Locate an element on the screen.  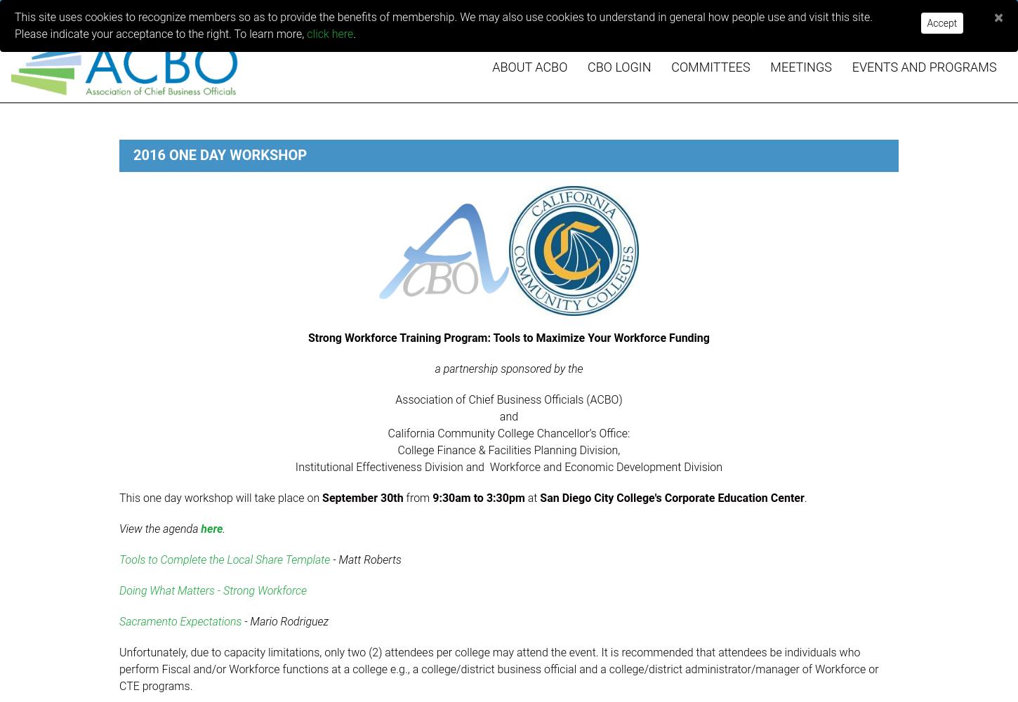
'This one day workshop will take place on' is located at coordinates (220, 497).